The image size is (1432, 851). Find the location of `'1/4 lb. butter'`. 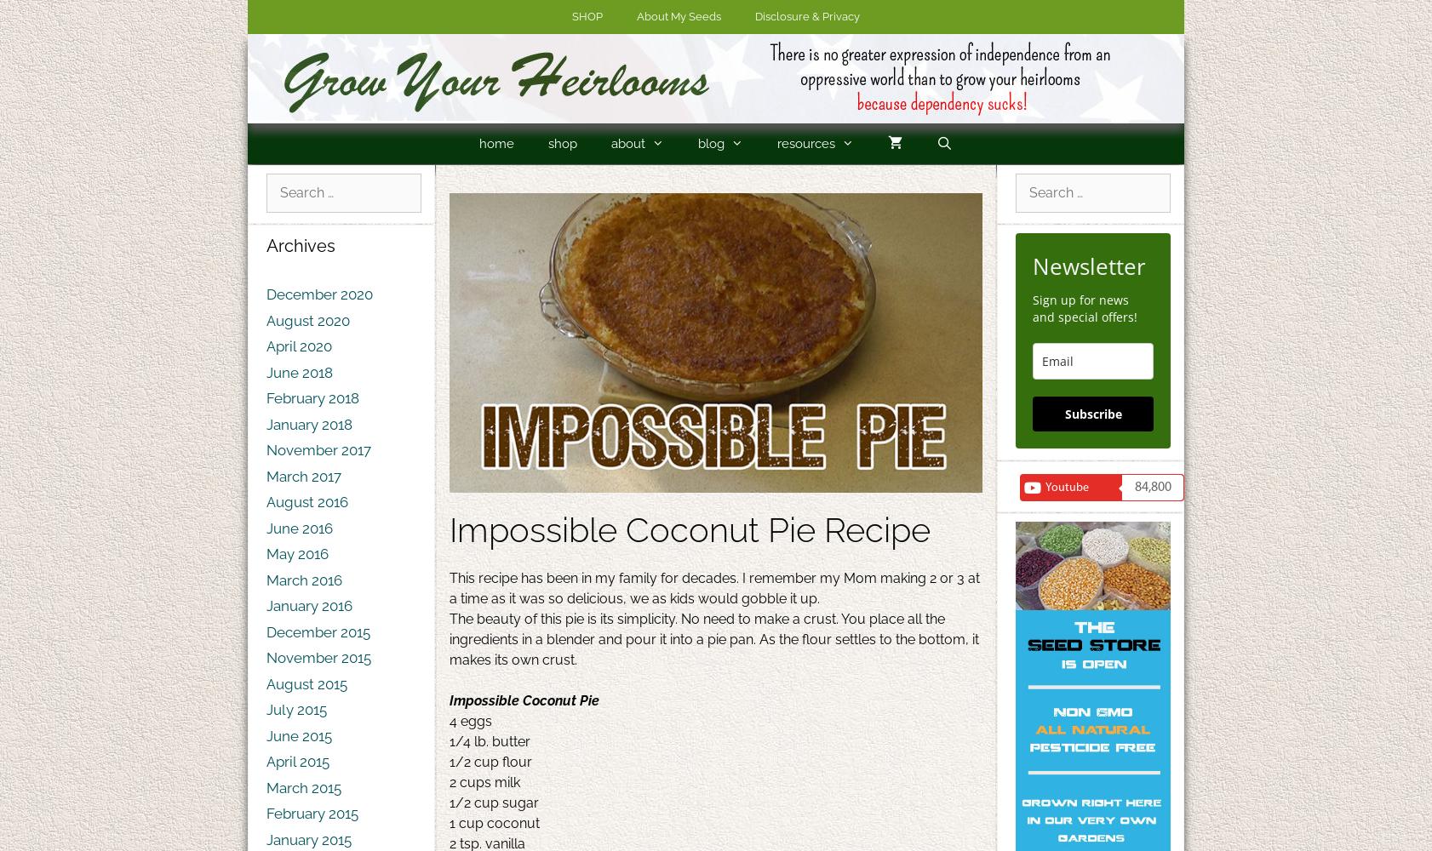

'1/4 lb. butter' is located at coordinates (490, 740).